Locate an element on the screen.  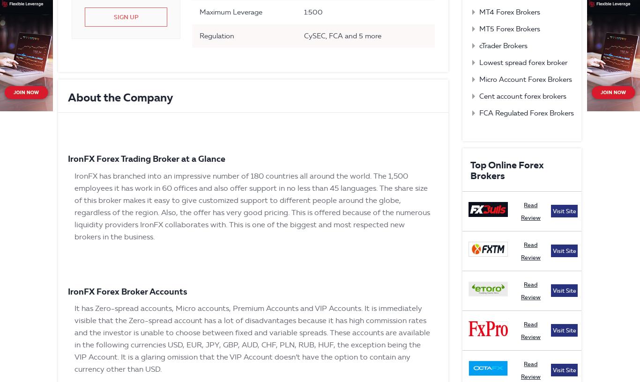
'MT5 Forex Brokers' is located at coordinates (509, 28).